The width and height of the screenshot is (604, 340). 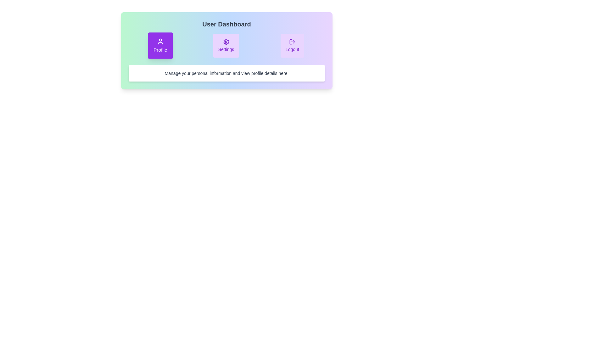 I want to click on the Profile tab to view its hover effect, so click(x=160, y=45).